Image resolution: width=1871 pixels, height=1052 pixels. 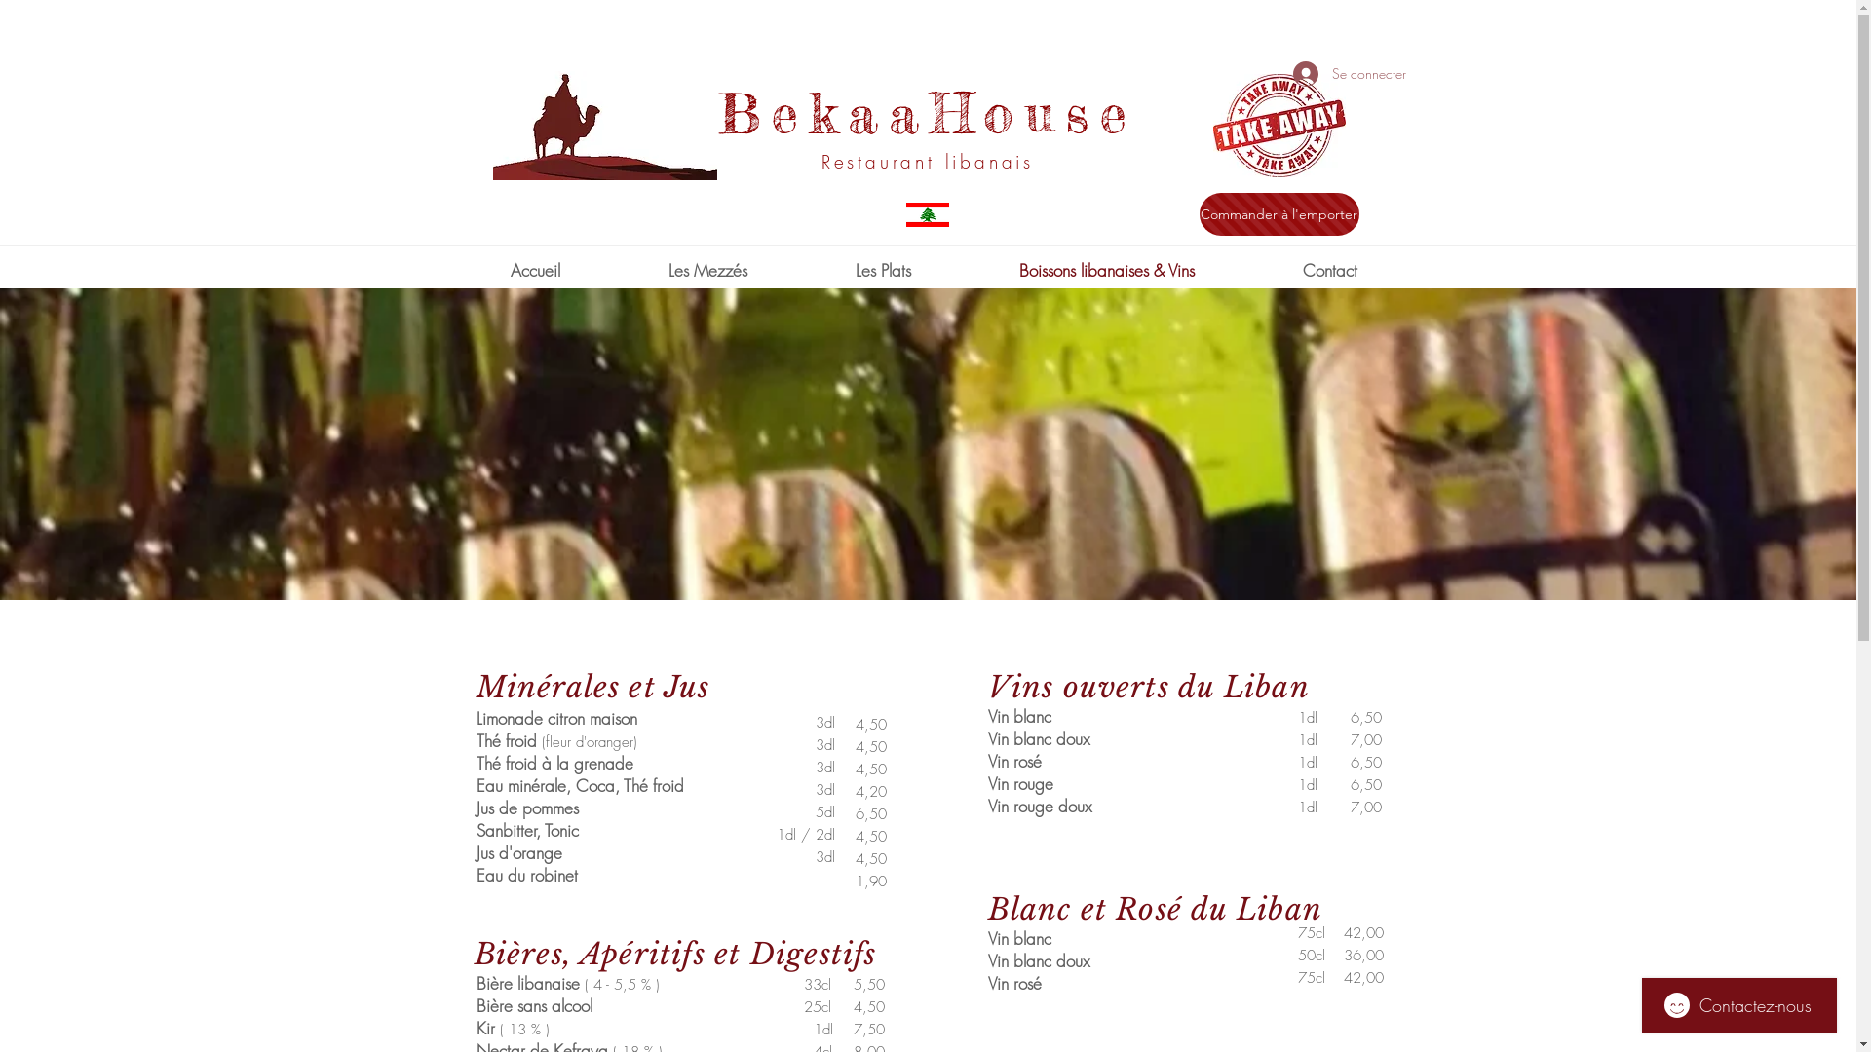 What do you see at coordinates (1299, 38) in the screenshot?
I see `'Restaurant Social Bar'` at bounding box center [1299, 38].